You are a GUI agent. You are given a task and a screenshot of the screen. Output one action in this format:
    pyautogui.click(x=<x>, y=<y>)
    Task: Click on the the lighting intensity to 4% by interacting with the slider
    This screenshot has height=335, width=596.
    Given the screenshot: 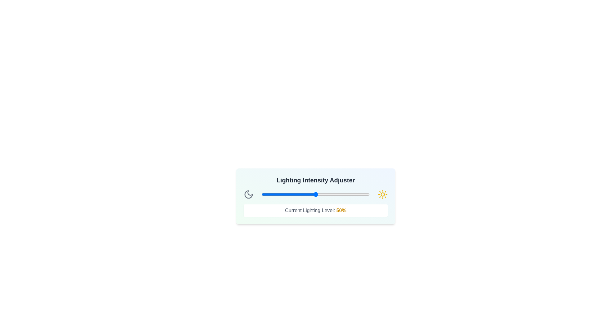 What is the action you would take?
    pyautogui.click(x=266, y=194)
    